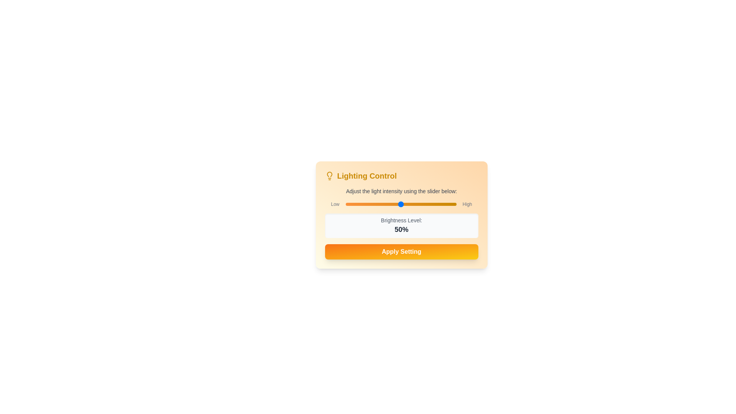 The height and width of the screenshot is (414, 736). Describe the element at coordinates (385, 204) in the screenshot. I see `the slider` at that location.